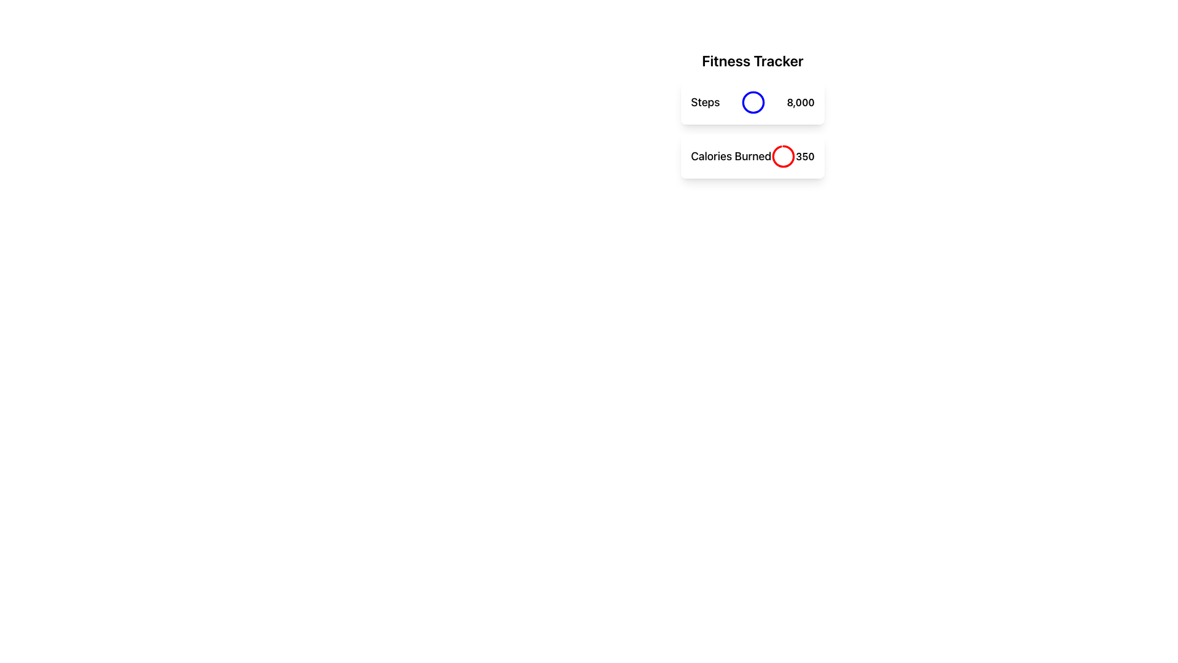  Describe the element at coordinates (805, 155) in the screenshot. I see `displayed numeric value '350' representing the calories burned, located to the right of a red-stroked circular graphic within the 'Calories Burned' box in the 'Fitness Tracker' panel` at that location.